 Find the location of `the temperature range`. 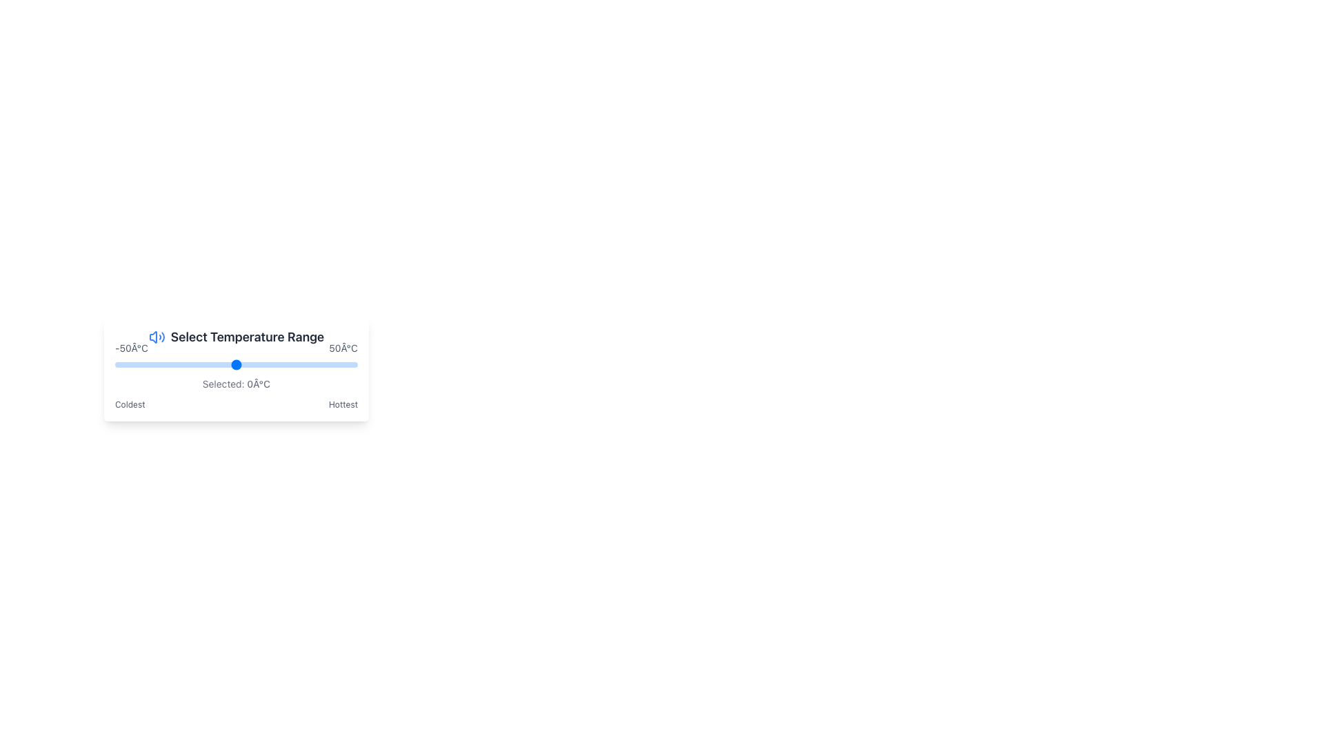

the temperature range is located at coordinates (306, 364).